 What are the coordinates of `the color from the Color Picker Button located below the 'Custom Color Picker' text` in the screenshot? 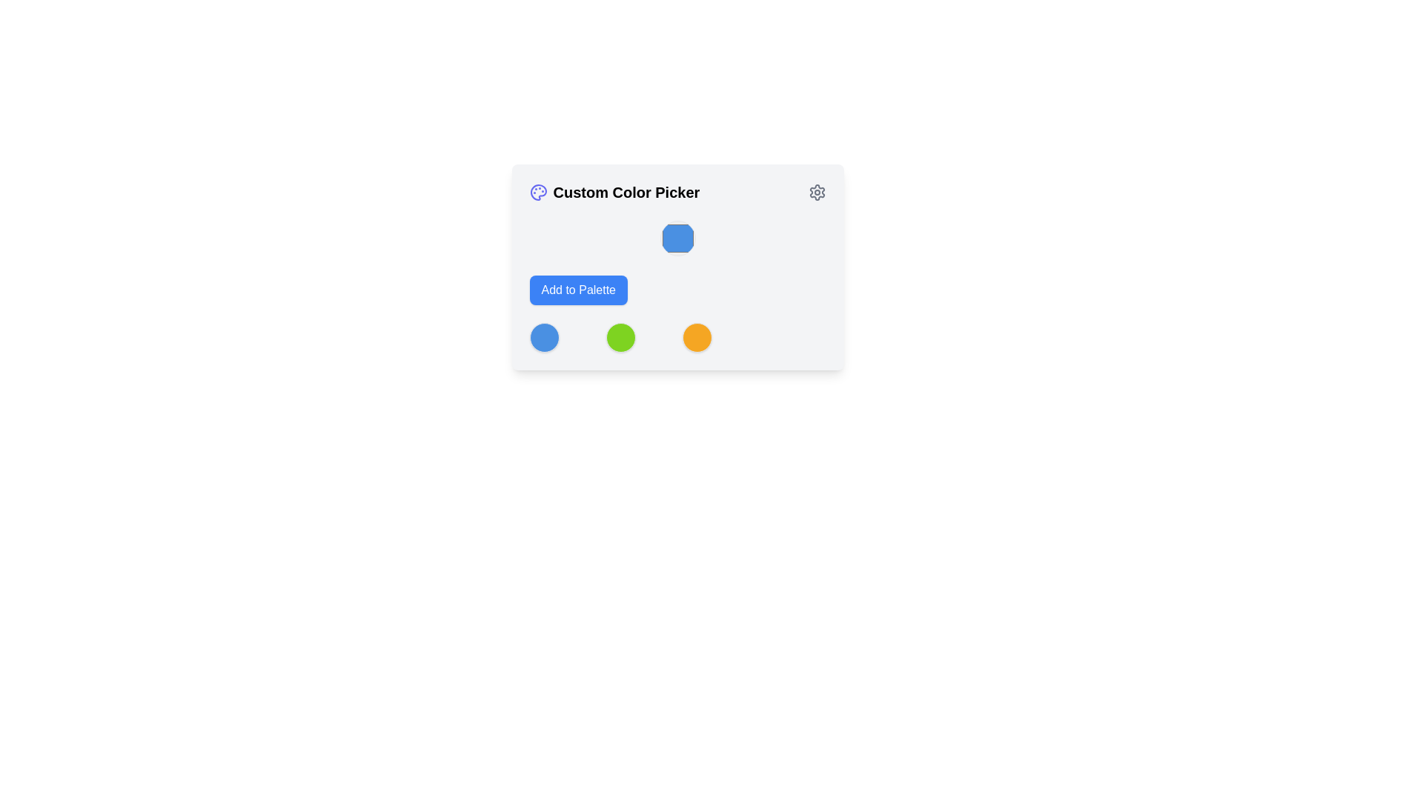 It's located at (677, 267).